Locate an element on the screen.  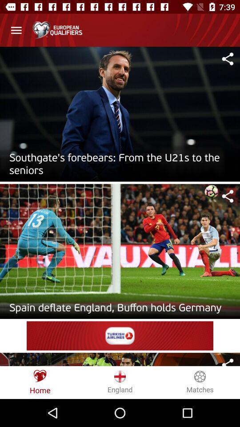
share the article is located at coordinates (228, 196).